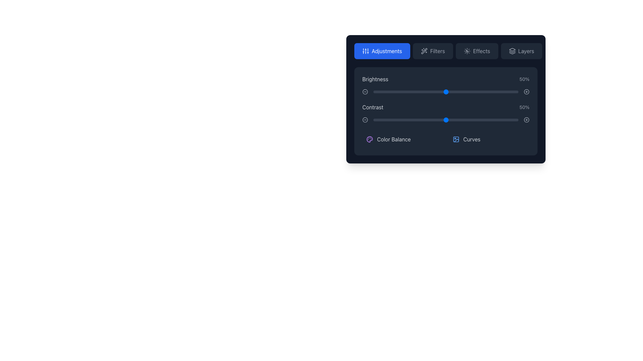  What do you see at coordinates (387, 51) in the screenshot?
I see `the navigational button` at bounding box center [387, 51].